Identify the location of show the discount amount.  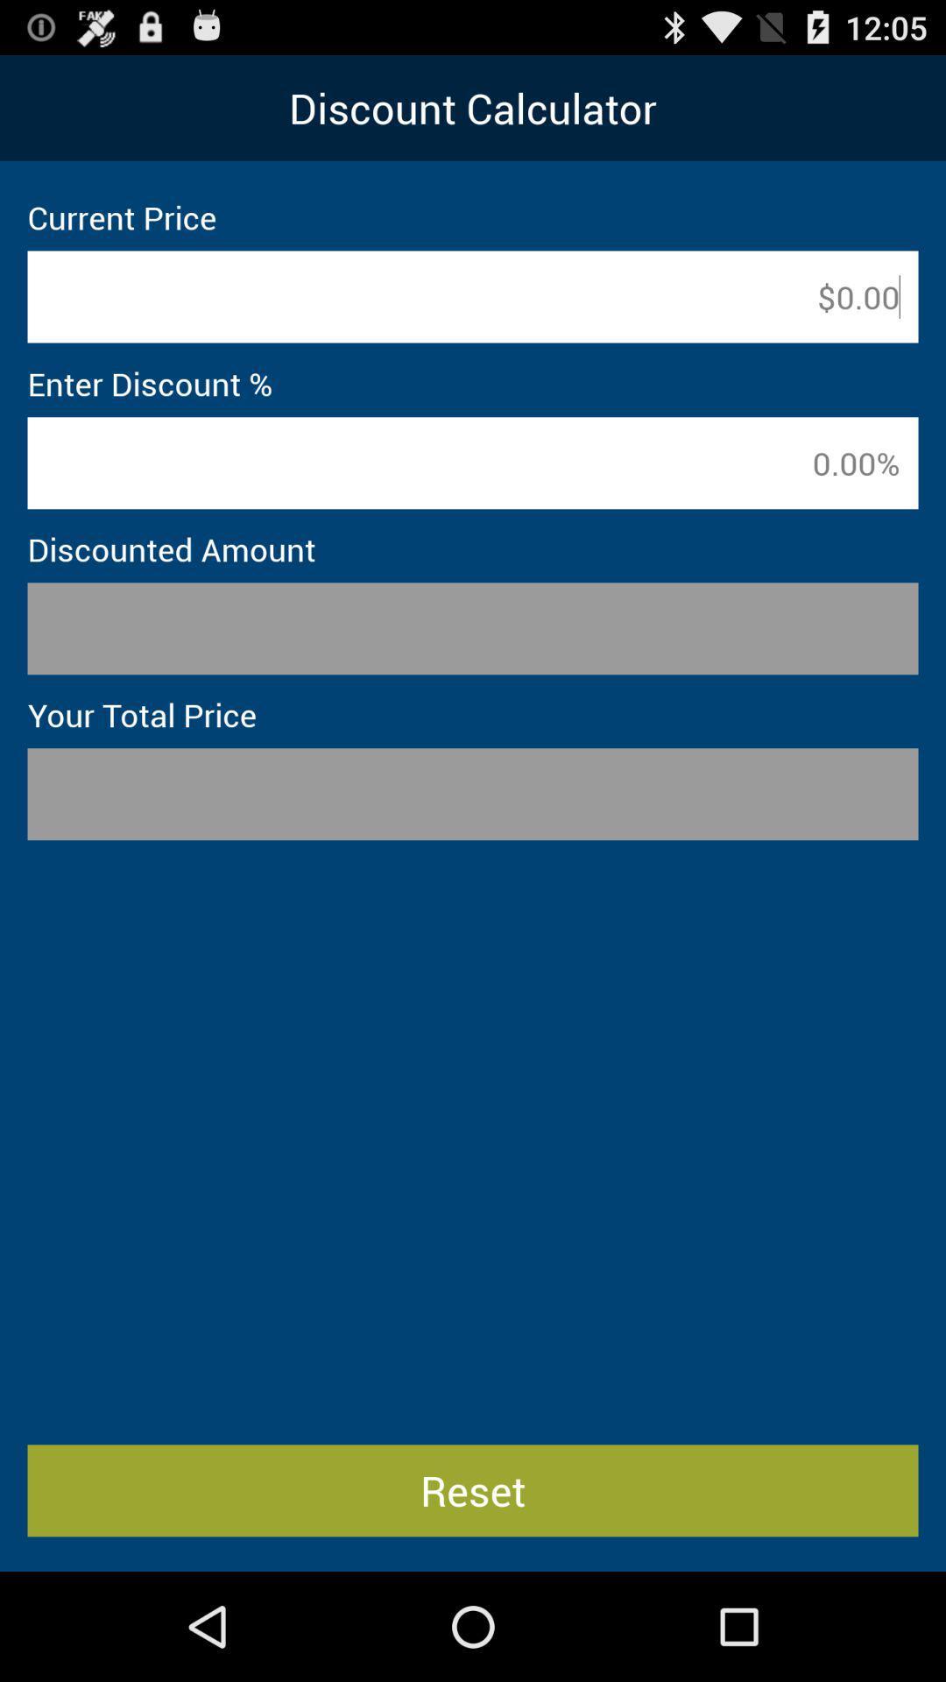
(473, 628).